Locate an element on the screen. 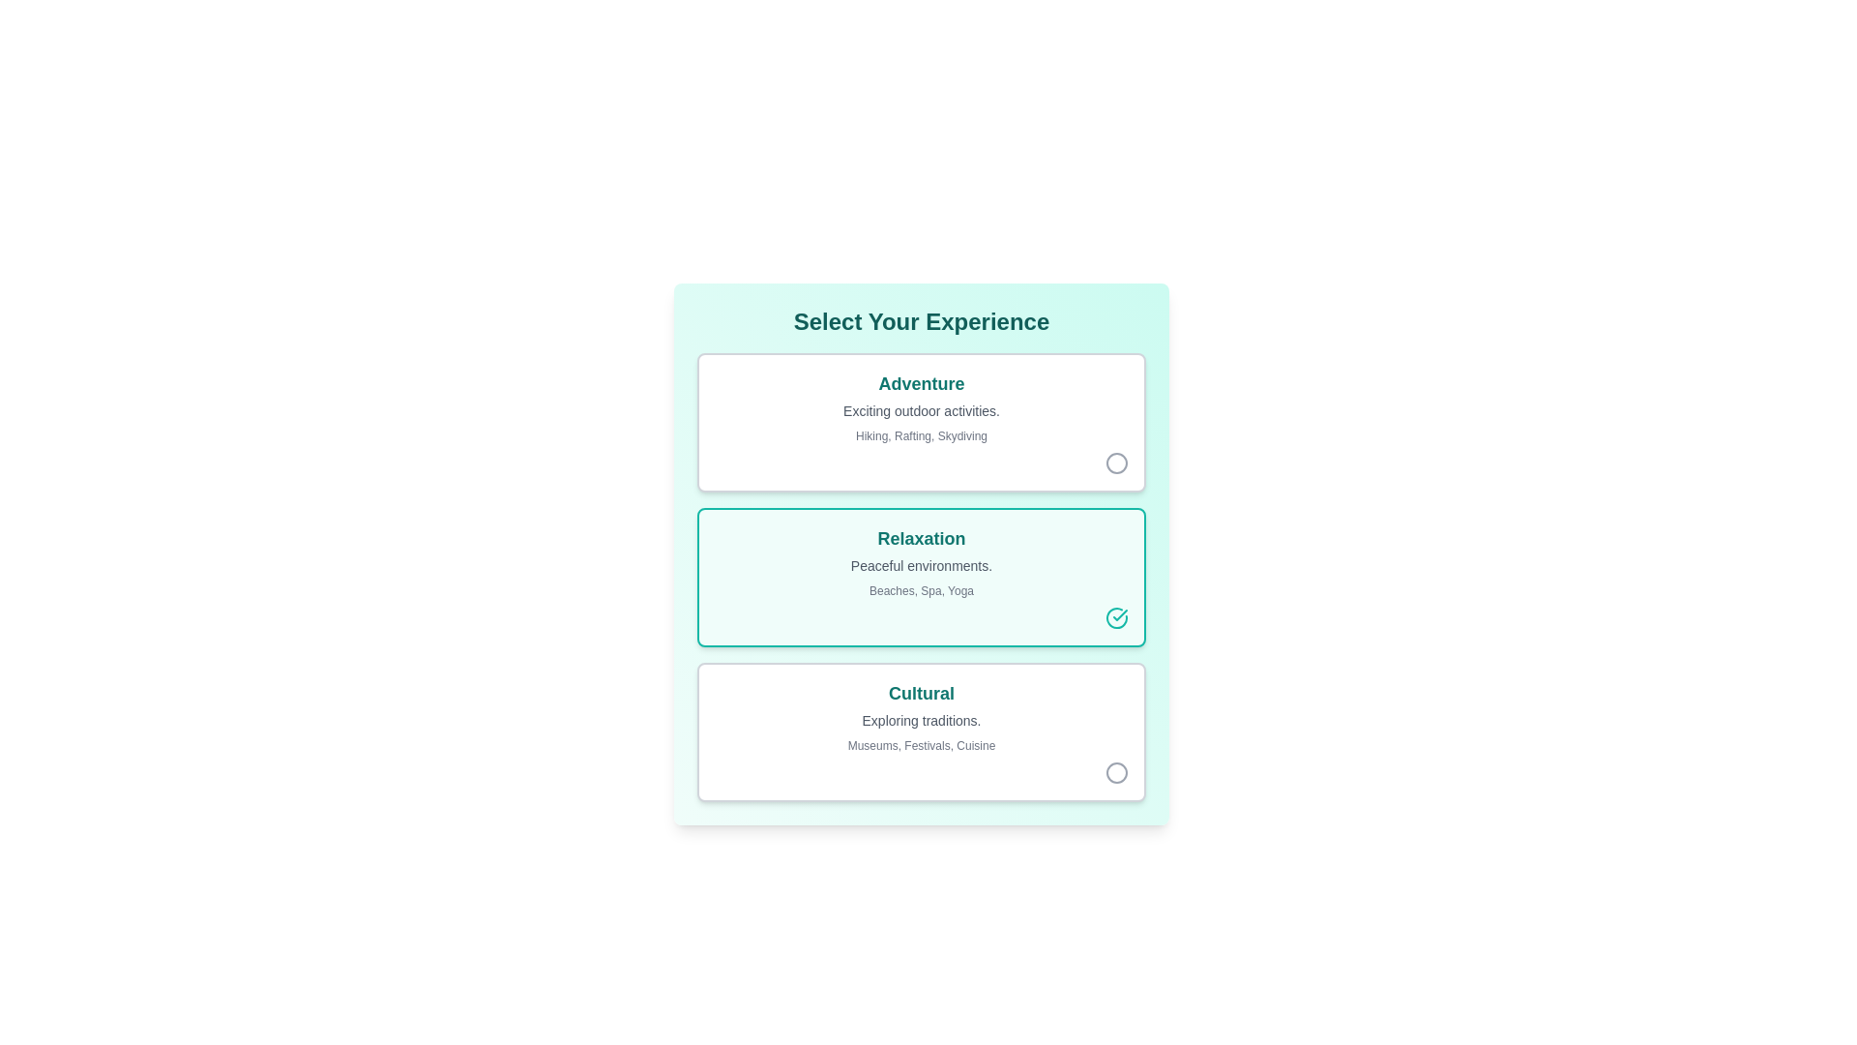 This screenshot has height=1045, width=1857. the static text providing context for the 'Cultural' category within the card, located centrally between the title 'Cultural' and the descriptive text 'Museums, Festivals, Cuisine' is located at coordinates (921, 720).